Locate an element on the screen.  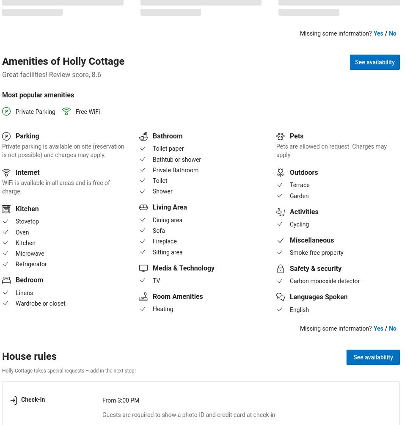
'Holly Cottage takes special requests – add in the next step!' is located at coordinates (68, 370).